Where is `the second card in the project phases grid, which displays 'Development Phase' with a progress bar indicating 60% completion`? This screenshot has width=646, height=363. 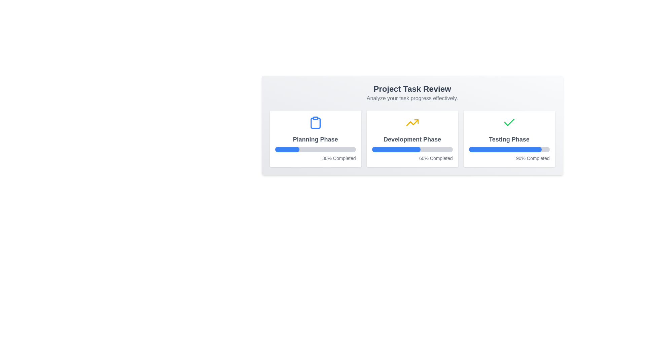 the second card in the project phases grid, which displays 'Development Phase' with a progress bar indicating 60% completion is located at coordinates (412, 138).